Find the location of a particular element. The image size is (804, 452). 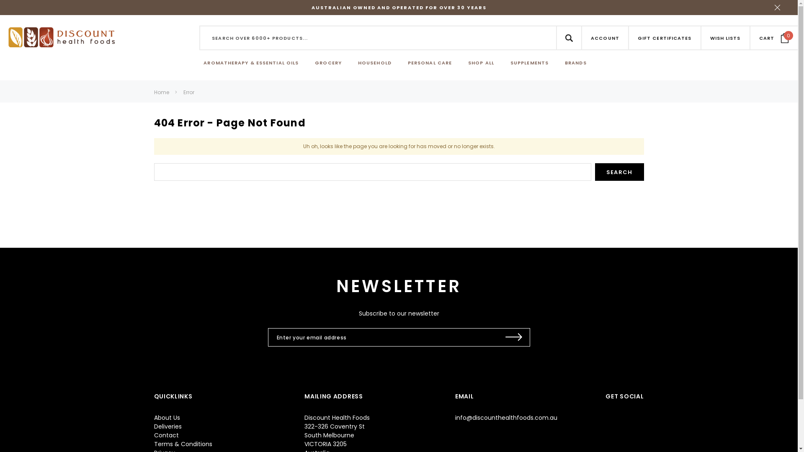

'WISH LISTS' is located at coordinates (709, 38).